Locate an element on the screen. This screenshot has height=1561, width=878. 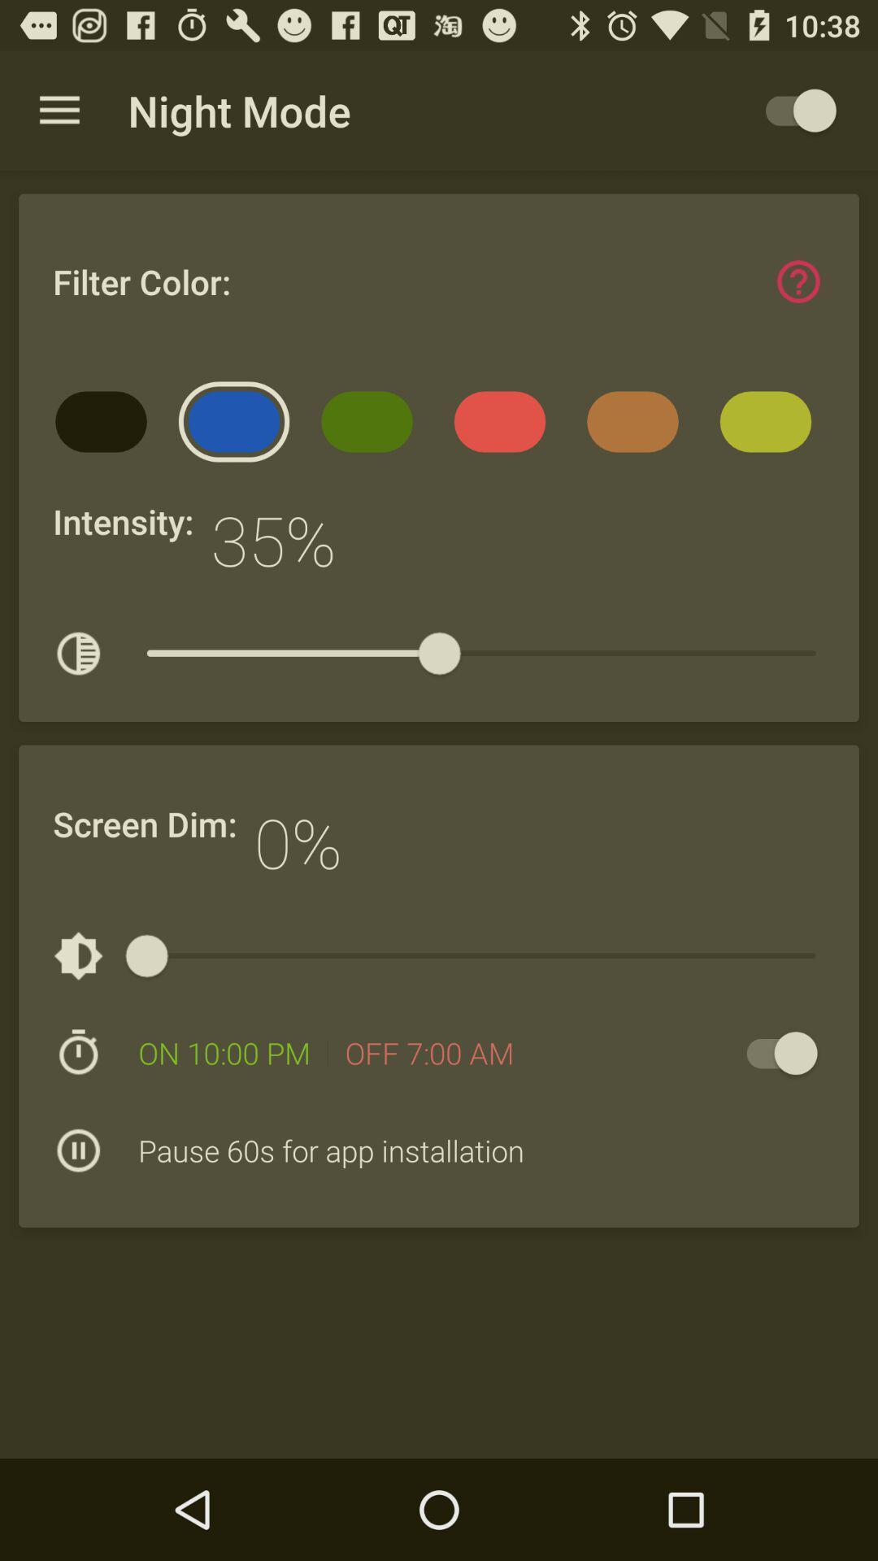
night mode is located at coordinates (792, 110).